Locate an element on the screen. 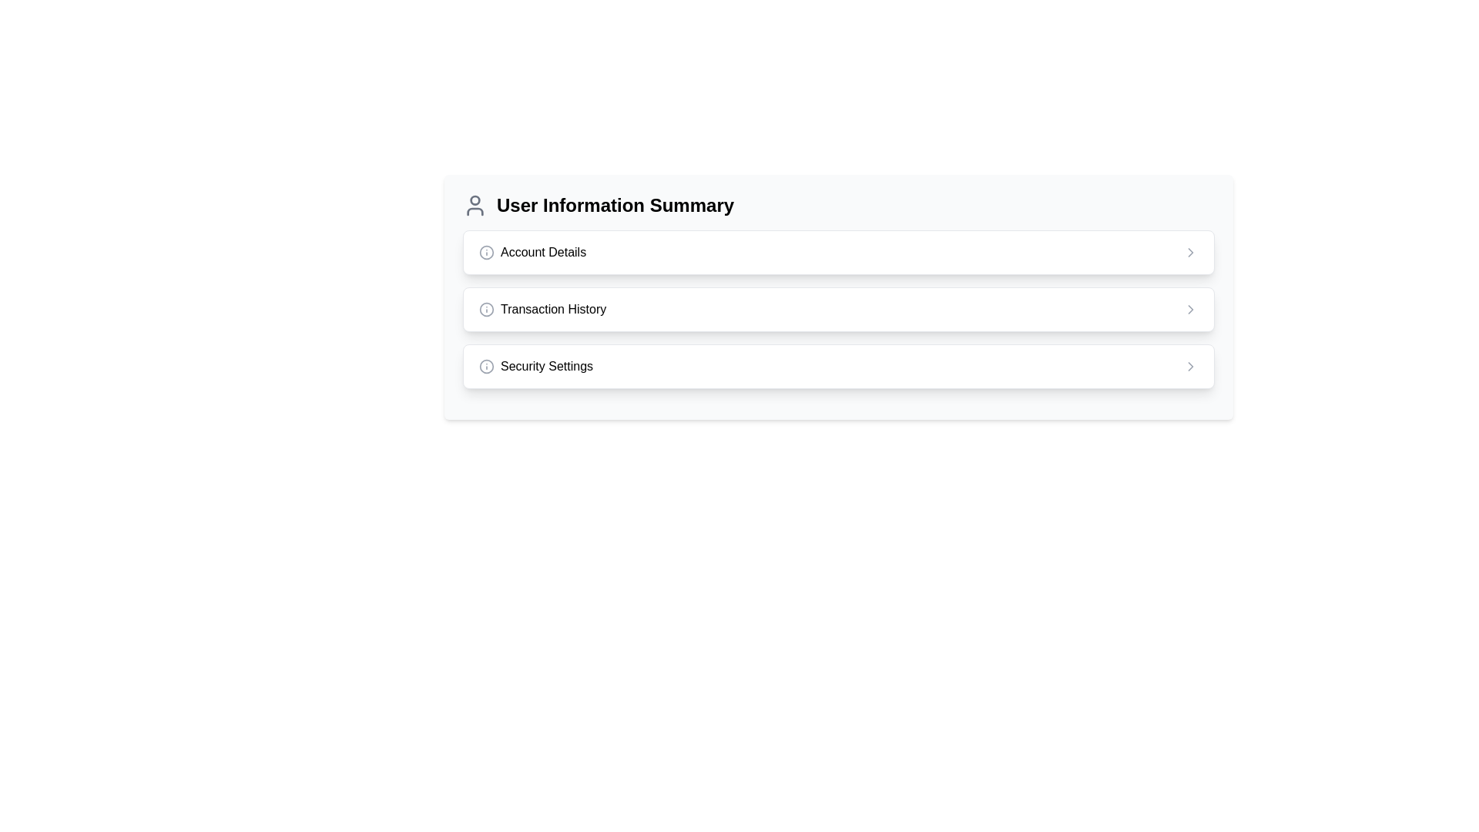 This screenshot has width=1479, height=832. the navigation indicator icon located in the third row from the top, adjacent to 'Security Settings', on the right-hand side is located at coordinates (1189, 366).